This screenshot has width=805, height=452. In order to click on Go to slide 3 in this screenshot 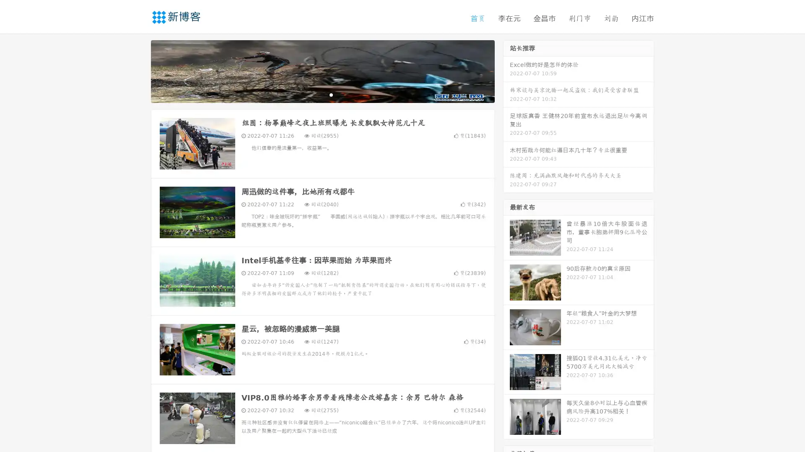, I will do `click(331, 94)`.